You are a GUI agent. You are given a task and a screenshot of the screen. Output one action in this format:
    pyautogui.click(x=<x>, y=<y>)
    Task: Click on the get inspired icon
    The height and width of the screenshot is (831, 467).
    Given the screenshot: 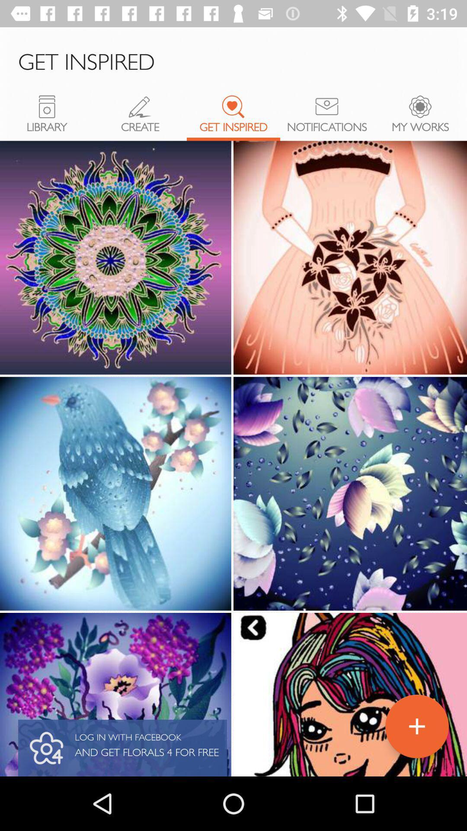 What is the action you would take?
    pyautogui.click(x=233, y=106)
    